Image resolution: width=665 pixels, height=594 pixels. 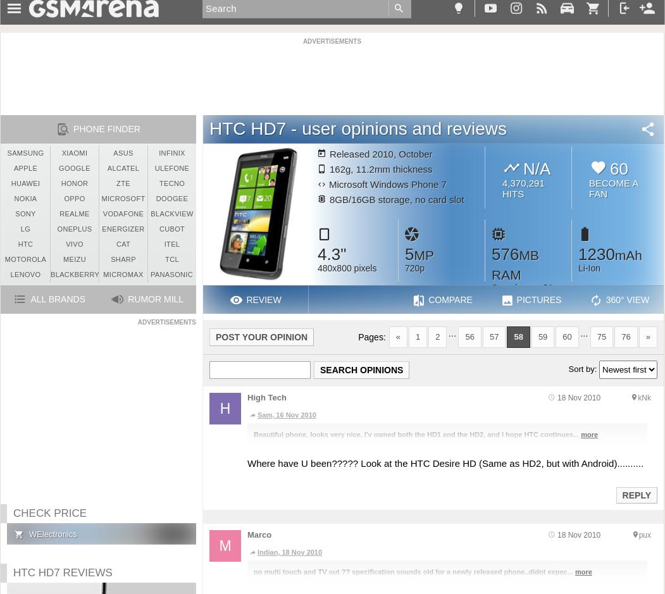 What do you see at coordinates (171, 199) in the screenshot?
I see `'Doogee'` at bounding box center [171, 199].